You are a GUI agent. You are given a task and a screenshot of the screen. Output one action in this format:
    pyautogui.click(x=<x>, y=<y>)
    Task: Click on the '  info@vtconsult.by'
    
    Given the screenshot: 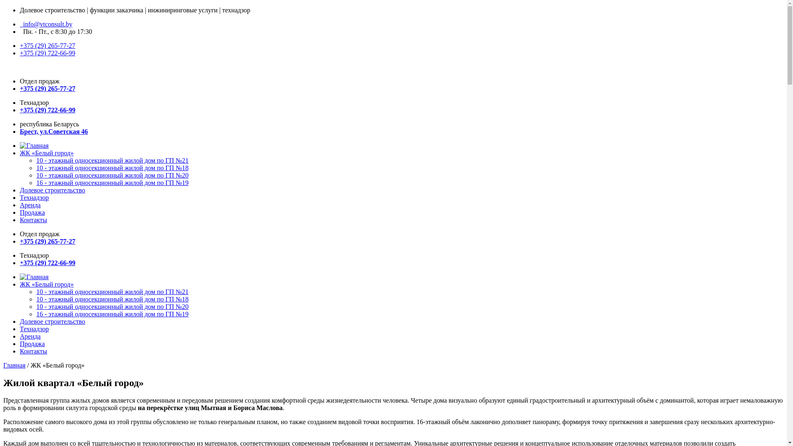 What is the action you would take?
    pyautogui.click(x=45, y=24)
    